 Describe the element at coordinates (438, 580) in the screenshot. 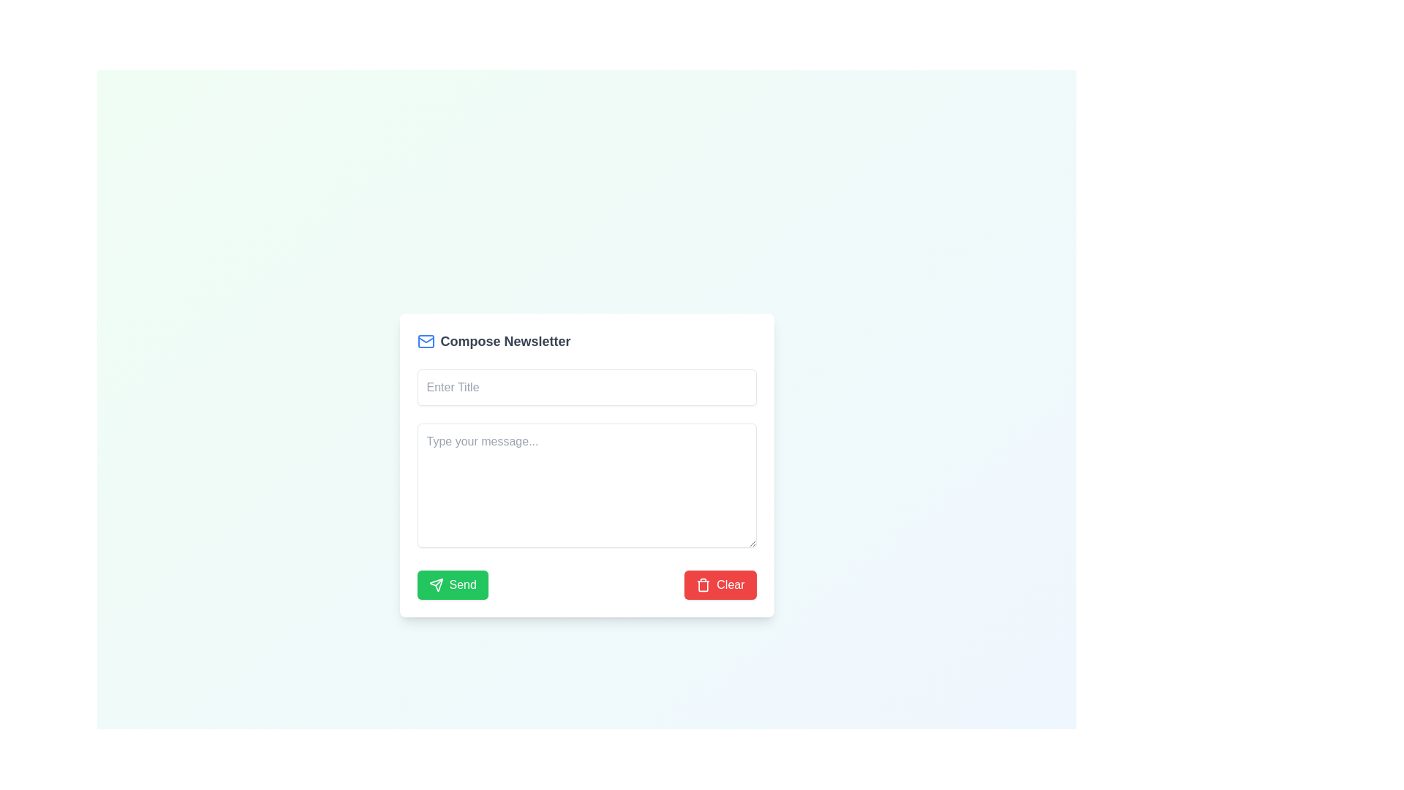

I see `the green circular button labeled 'Send' which contains a graphical arrow icon in its center-right section` at that location.